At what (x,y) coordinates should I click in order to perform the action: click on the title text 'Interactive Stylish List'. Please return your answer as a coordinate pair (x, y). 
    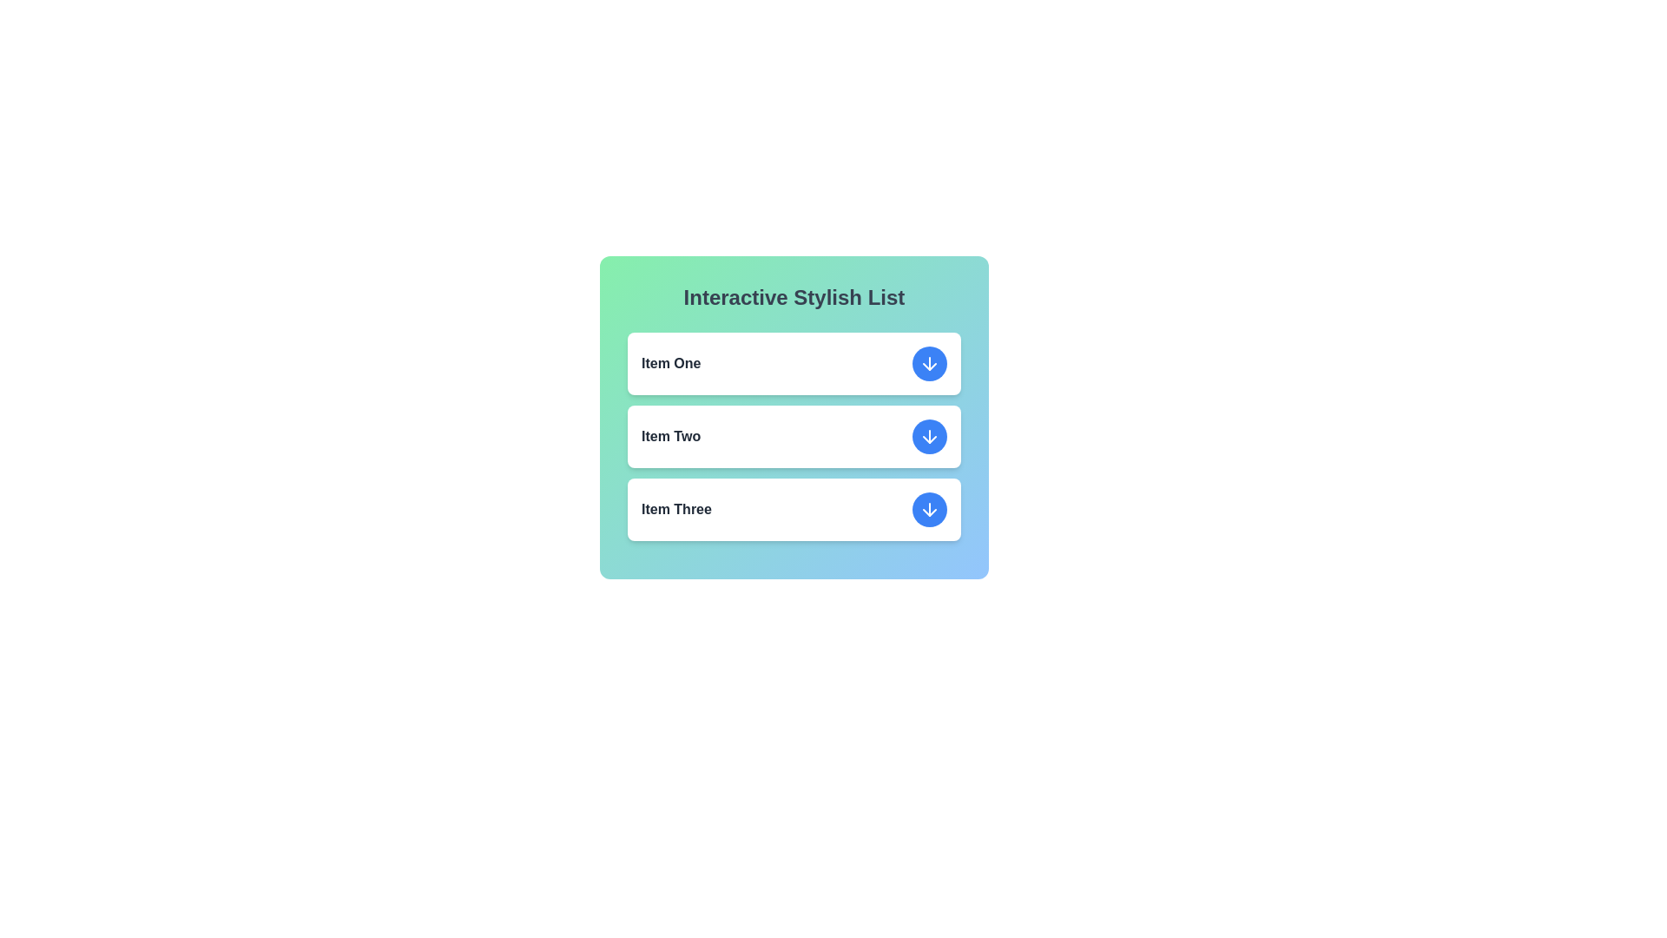
    Looking at the image, I should click on (794, 297).